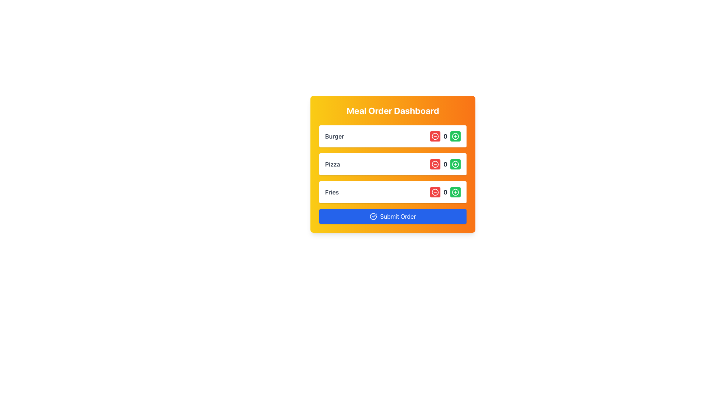 The image size is (707, 397). Describe the element at coordinates (331, 192) in the screenshot. I see `the text label 'fries' which identifies the food item in its card, positioned at the bottom of a vertical list of similar cards` at that location.